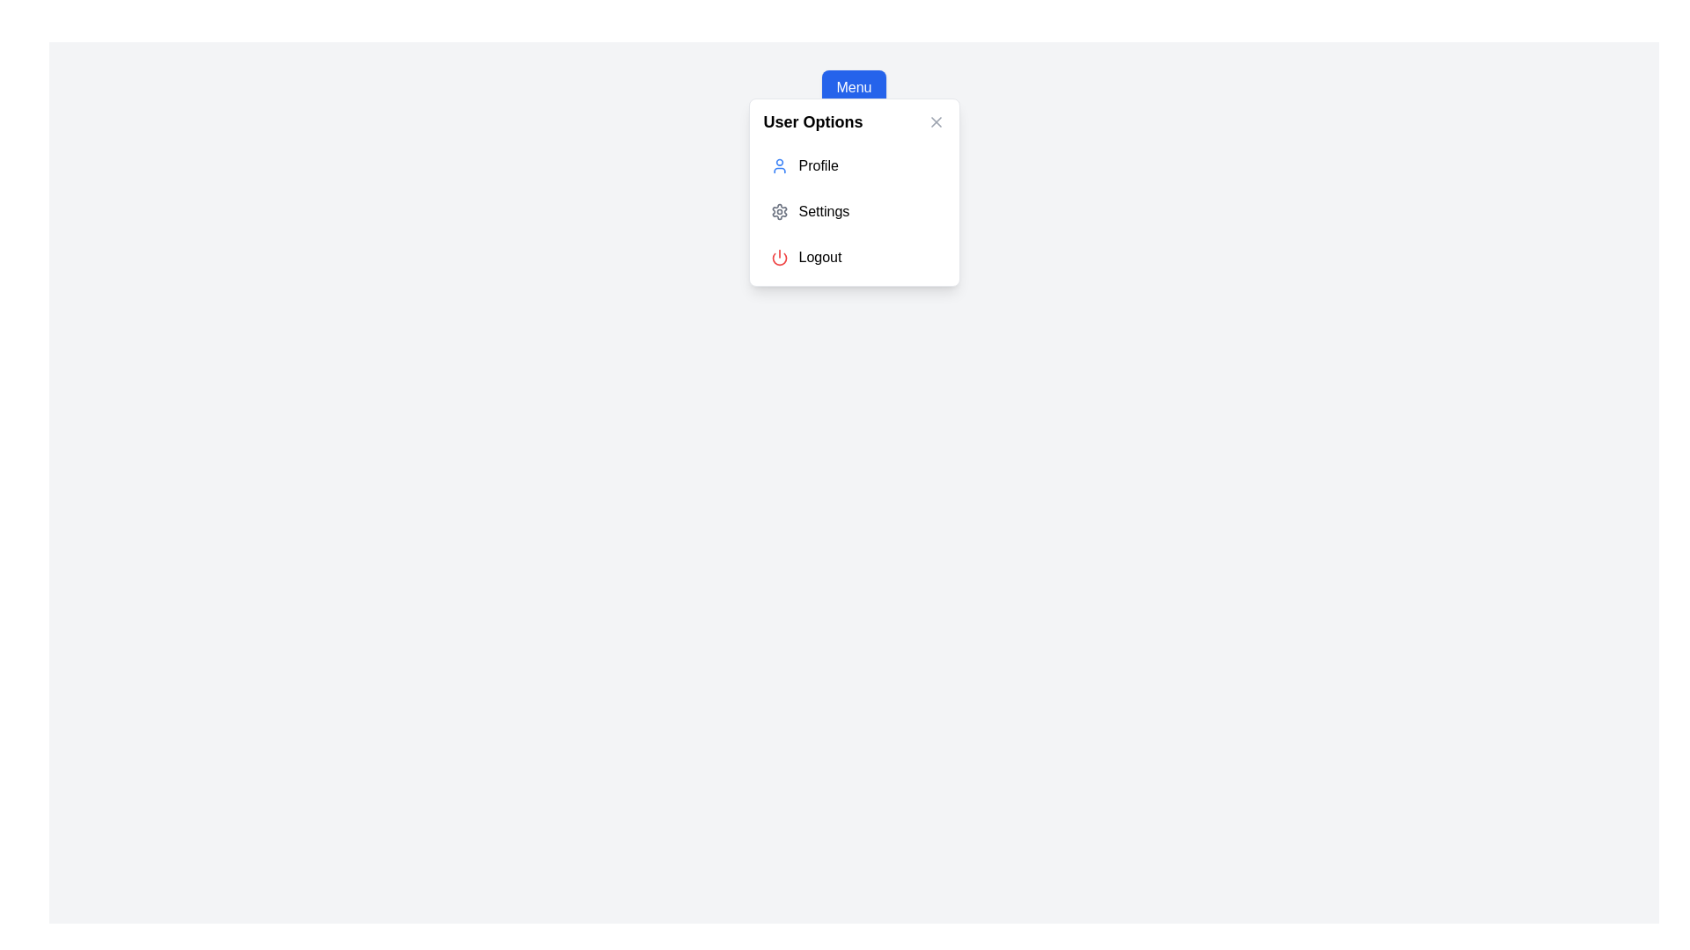  I want to click on the 'Settings' option in the User Options dropdown menu, which is the second item listed after 'Profile', so click(854, 210).